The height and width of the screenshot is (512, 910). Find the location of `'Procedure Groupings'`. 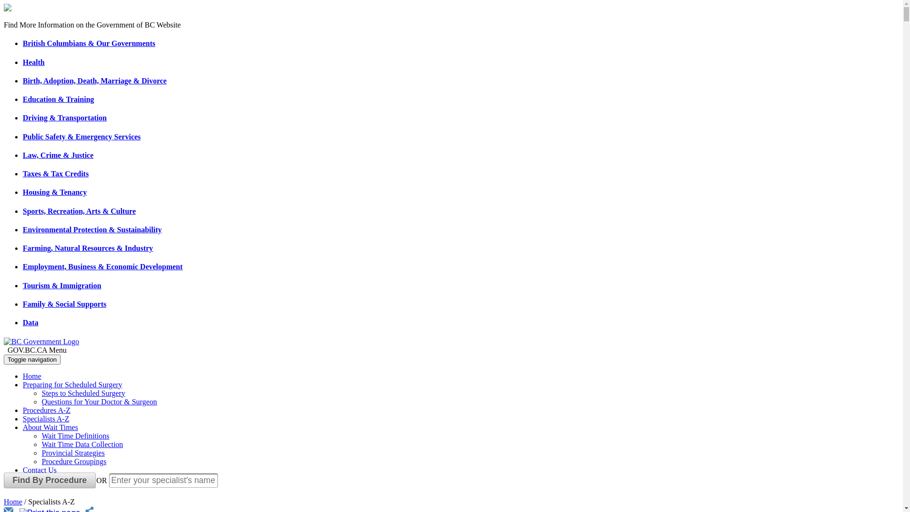

'Procedure Groupings' is located at coordinates (73, 461).